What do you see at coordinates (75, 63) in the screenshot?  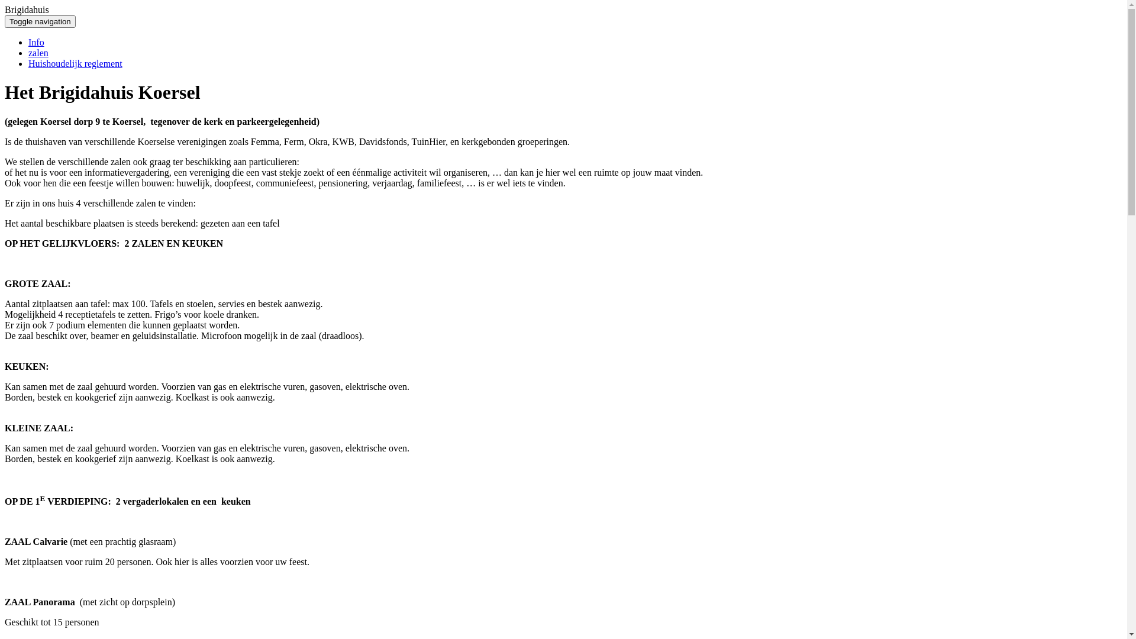 I see `'Huishoudelijk reglement'` at bounding box center [75, 63].